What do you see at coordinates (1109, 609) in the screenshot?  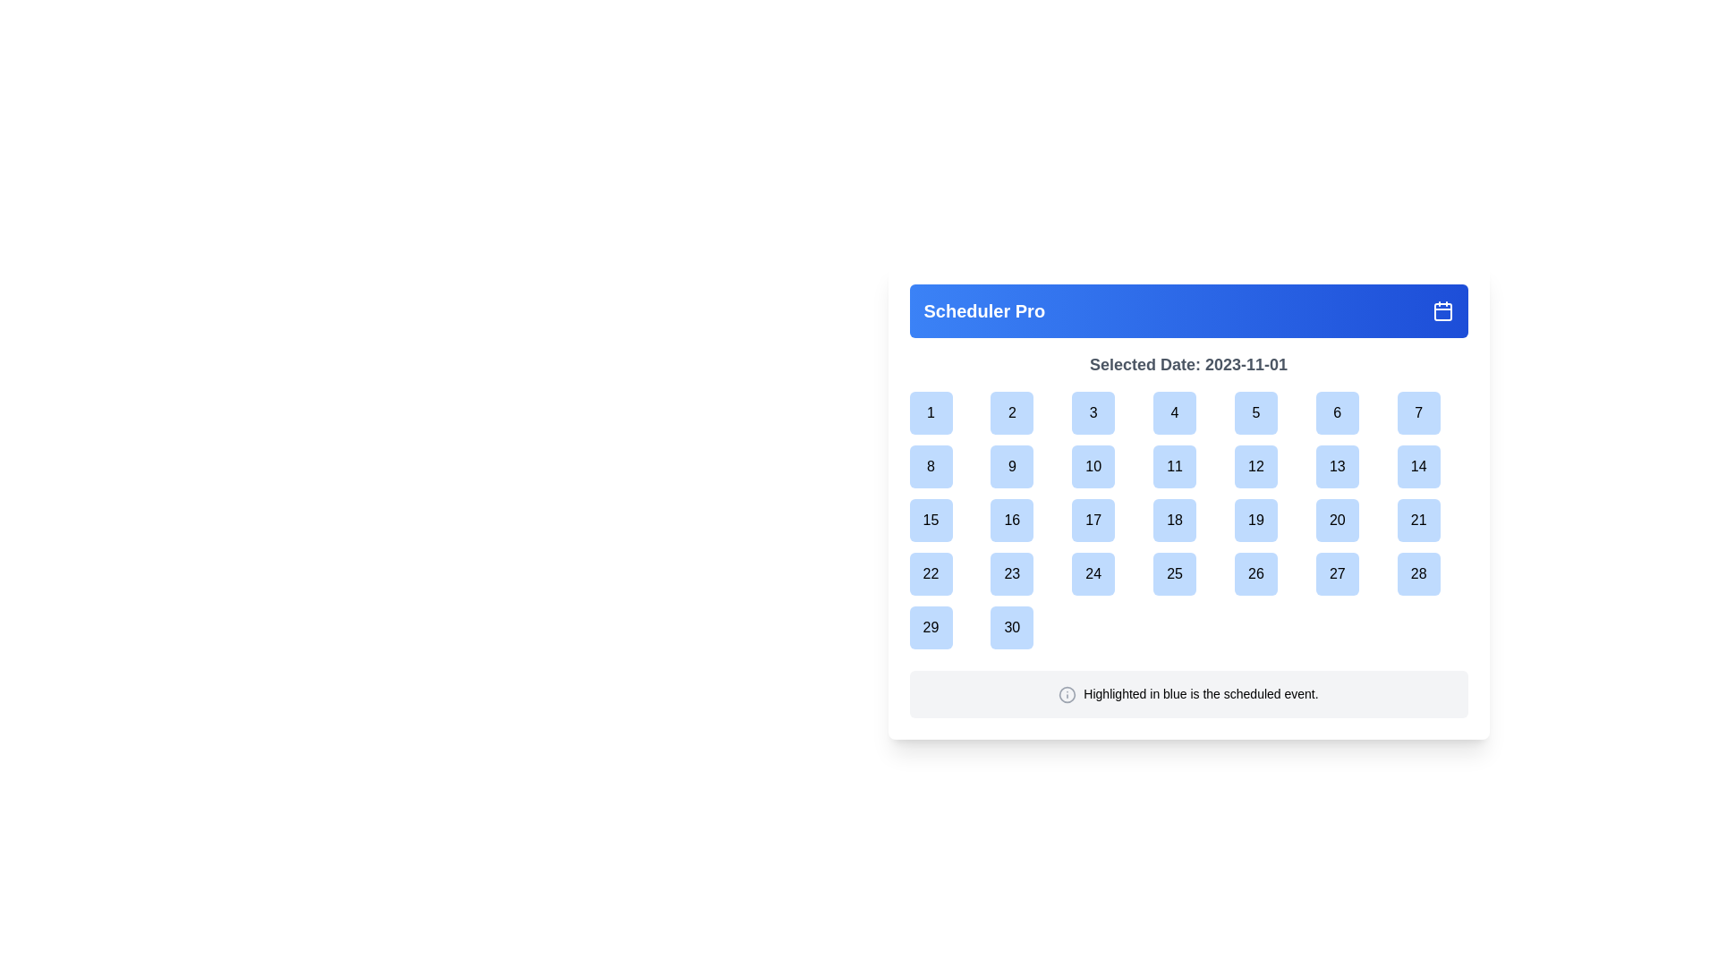 I see `the tooltip labeled 'No Event', which is displayed below the calendar day '24' in the calendar grid` at bounding box center [1109, 609].